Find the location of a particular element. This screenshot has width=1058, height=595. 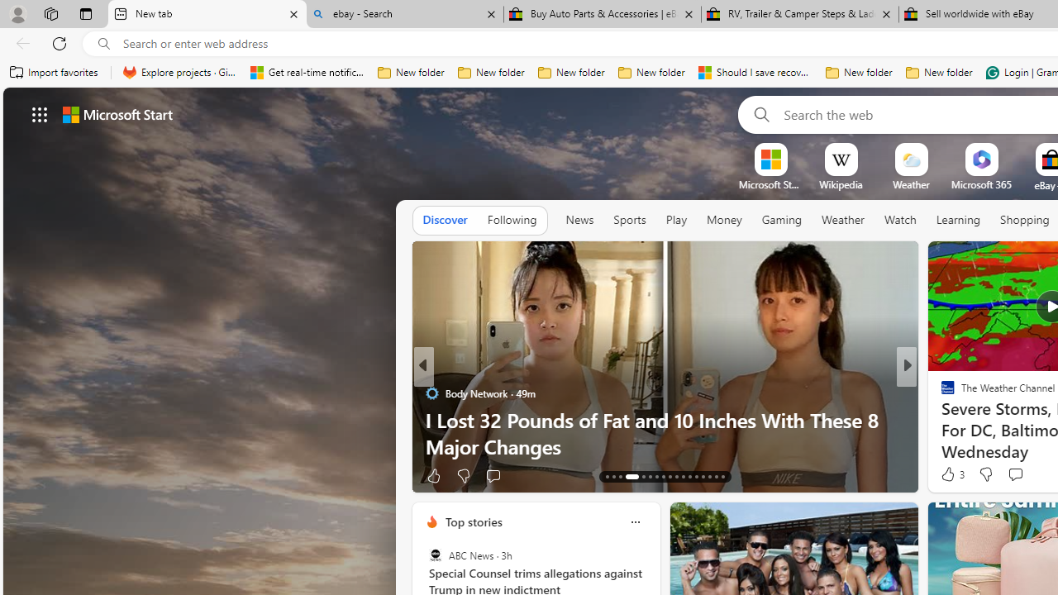

'Should I save recovered Word documents? - Microsoft Support' is located at coordinates (754, 72).